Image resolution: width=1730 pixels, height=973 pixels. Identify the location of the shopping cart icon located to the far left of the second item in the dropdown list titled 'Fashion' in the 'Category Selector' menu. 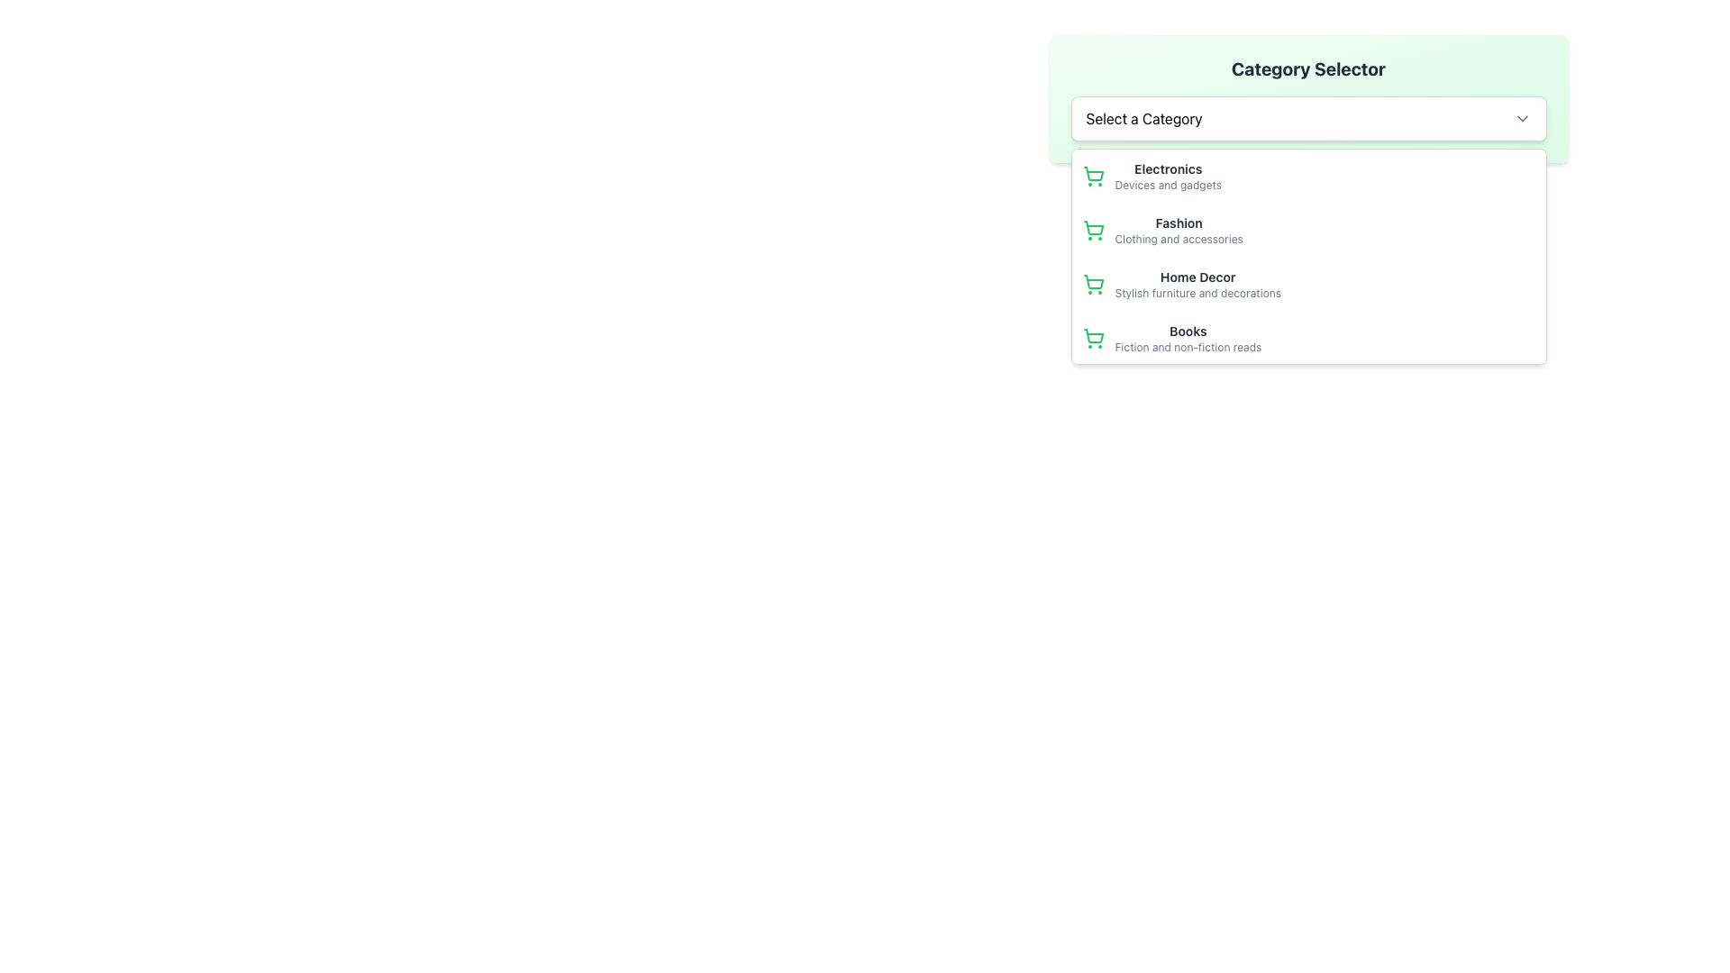
(1092, 227).